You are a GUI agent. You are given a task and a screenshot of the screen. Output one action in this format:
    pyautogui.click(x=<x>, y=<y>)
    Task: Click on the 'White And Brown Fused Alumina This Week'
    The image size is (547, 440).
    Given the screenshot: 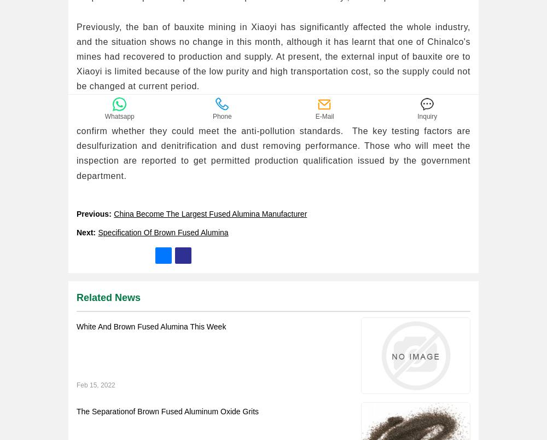 What is the action you would take?
    pyautogui.click(x=77, y=326)
    